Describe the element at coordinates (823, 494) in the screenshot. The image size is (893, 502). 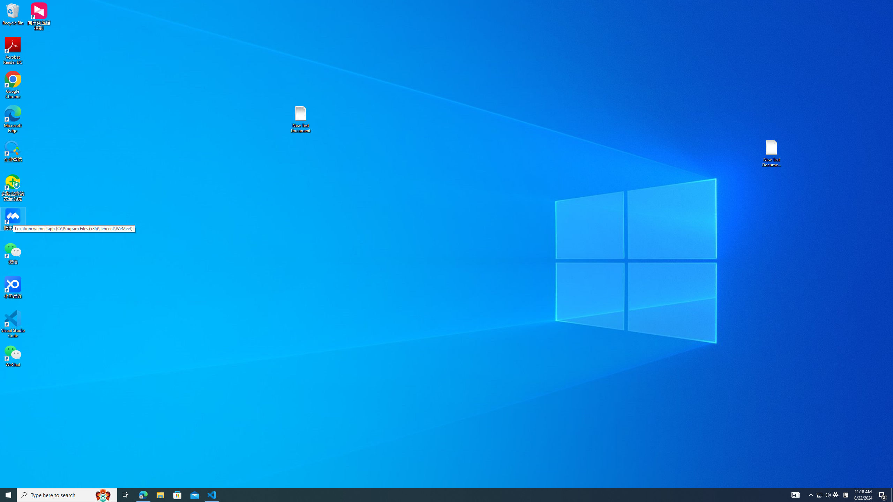
I see `'User Promoted Notification Area'` at that location.